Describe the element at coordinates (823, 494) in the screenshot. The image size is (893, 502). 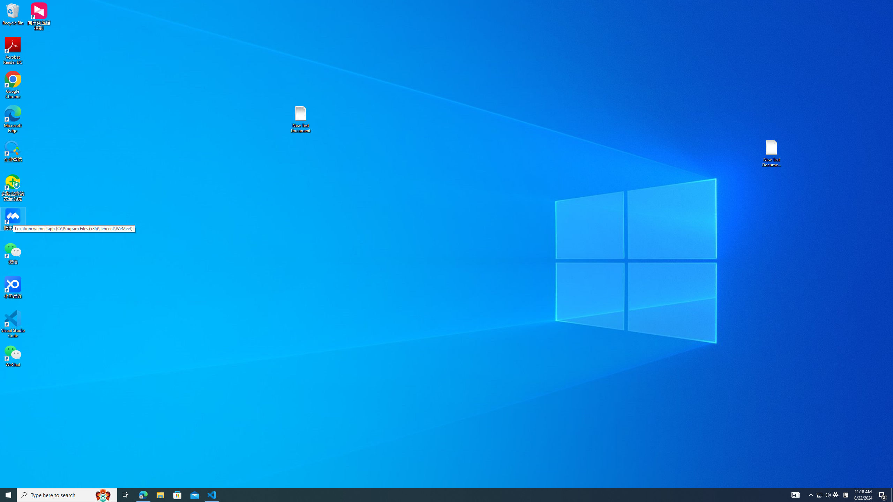
I see `'User Promoted Notification Area'` at that location.